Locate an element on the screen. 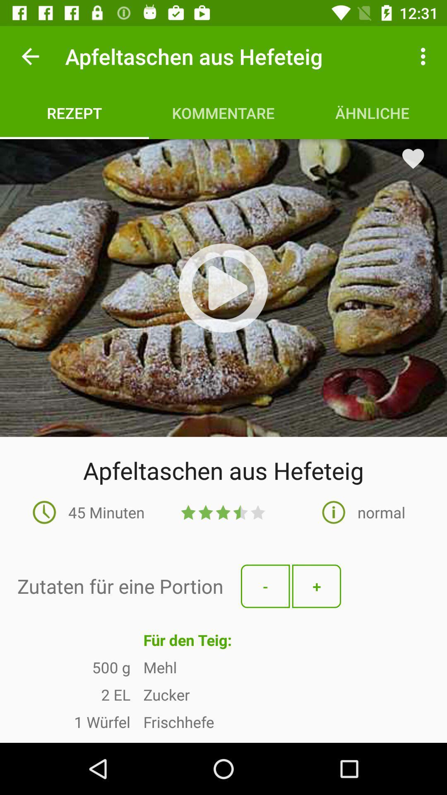 This screenshot has height=795, width=447. colou pinter is located at coordinates (223, 288).